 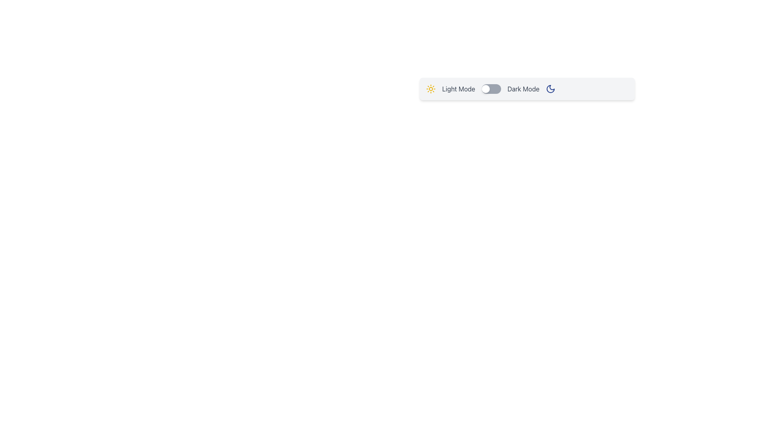 What do you see at coordinates (523, 89) in the screenshot?
I see `the static text label indicating the dark mode option for the theme toggle, which is located to the right of the 'Light Mode' text within a toggle switch layout` at bounding box center [523, 89].